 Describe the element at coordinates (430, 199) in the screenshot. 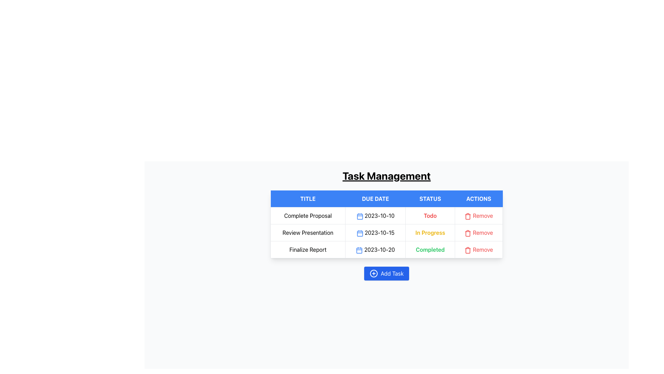

I see `the 'STATUS' column header label in the table, which is the third column header located between 'DUE DATE' and 'ACTIONS'` at that location.